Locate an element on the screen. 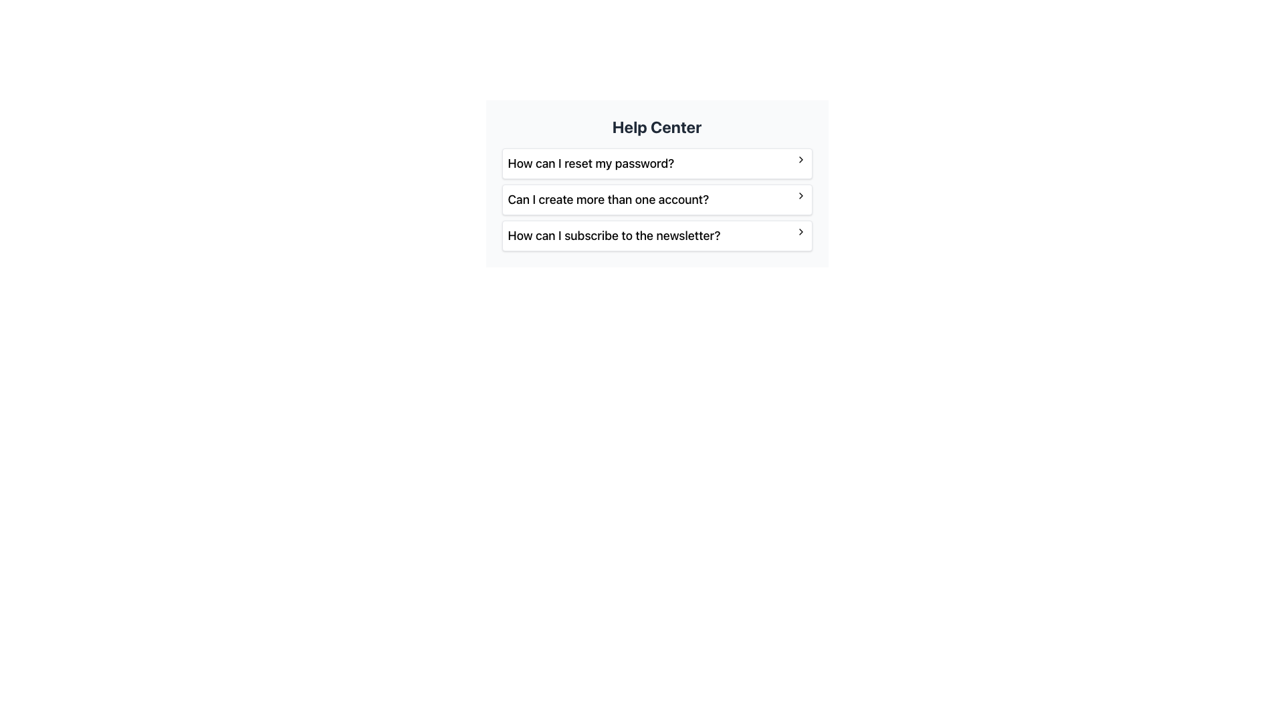 The width and height of the screenshot is (1284, 722). one of the questions in the frequently asked questions list located below the 'Help Center' heading is located at coordinates (657, 200).